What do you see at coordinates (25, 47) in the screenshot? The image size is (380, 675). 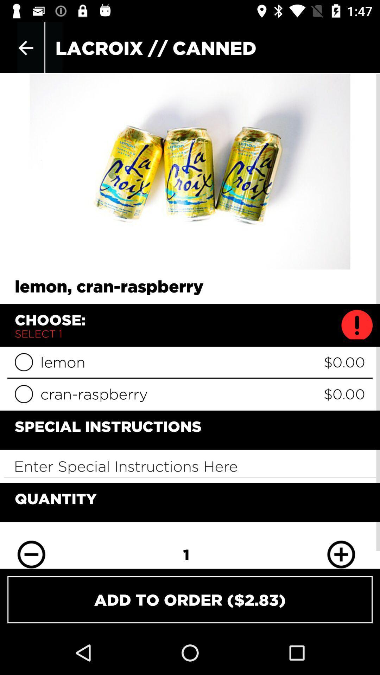 I see `the icon next to lacroix // canned` at bounding box center [25, 47].